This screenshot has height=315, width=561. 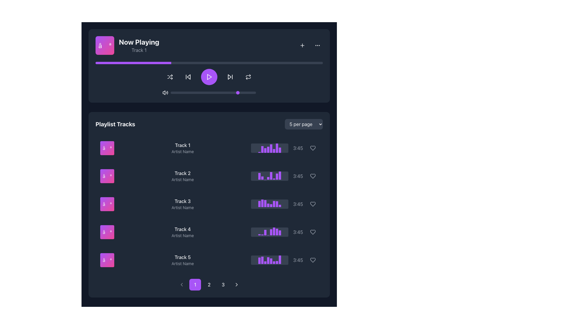 I want to click on the second progress bar in the mini bar chart representing the audio levels for 'Track 2' in the playlist interface, so click(x=262, y=178).